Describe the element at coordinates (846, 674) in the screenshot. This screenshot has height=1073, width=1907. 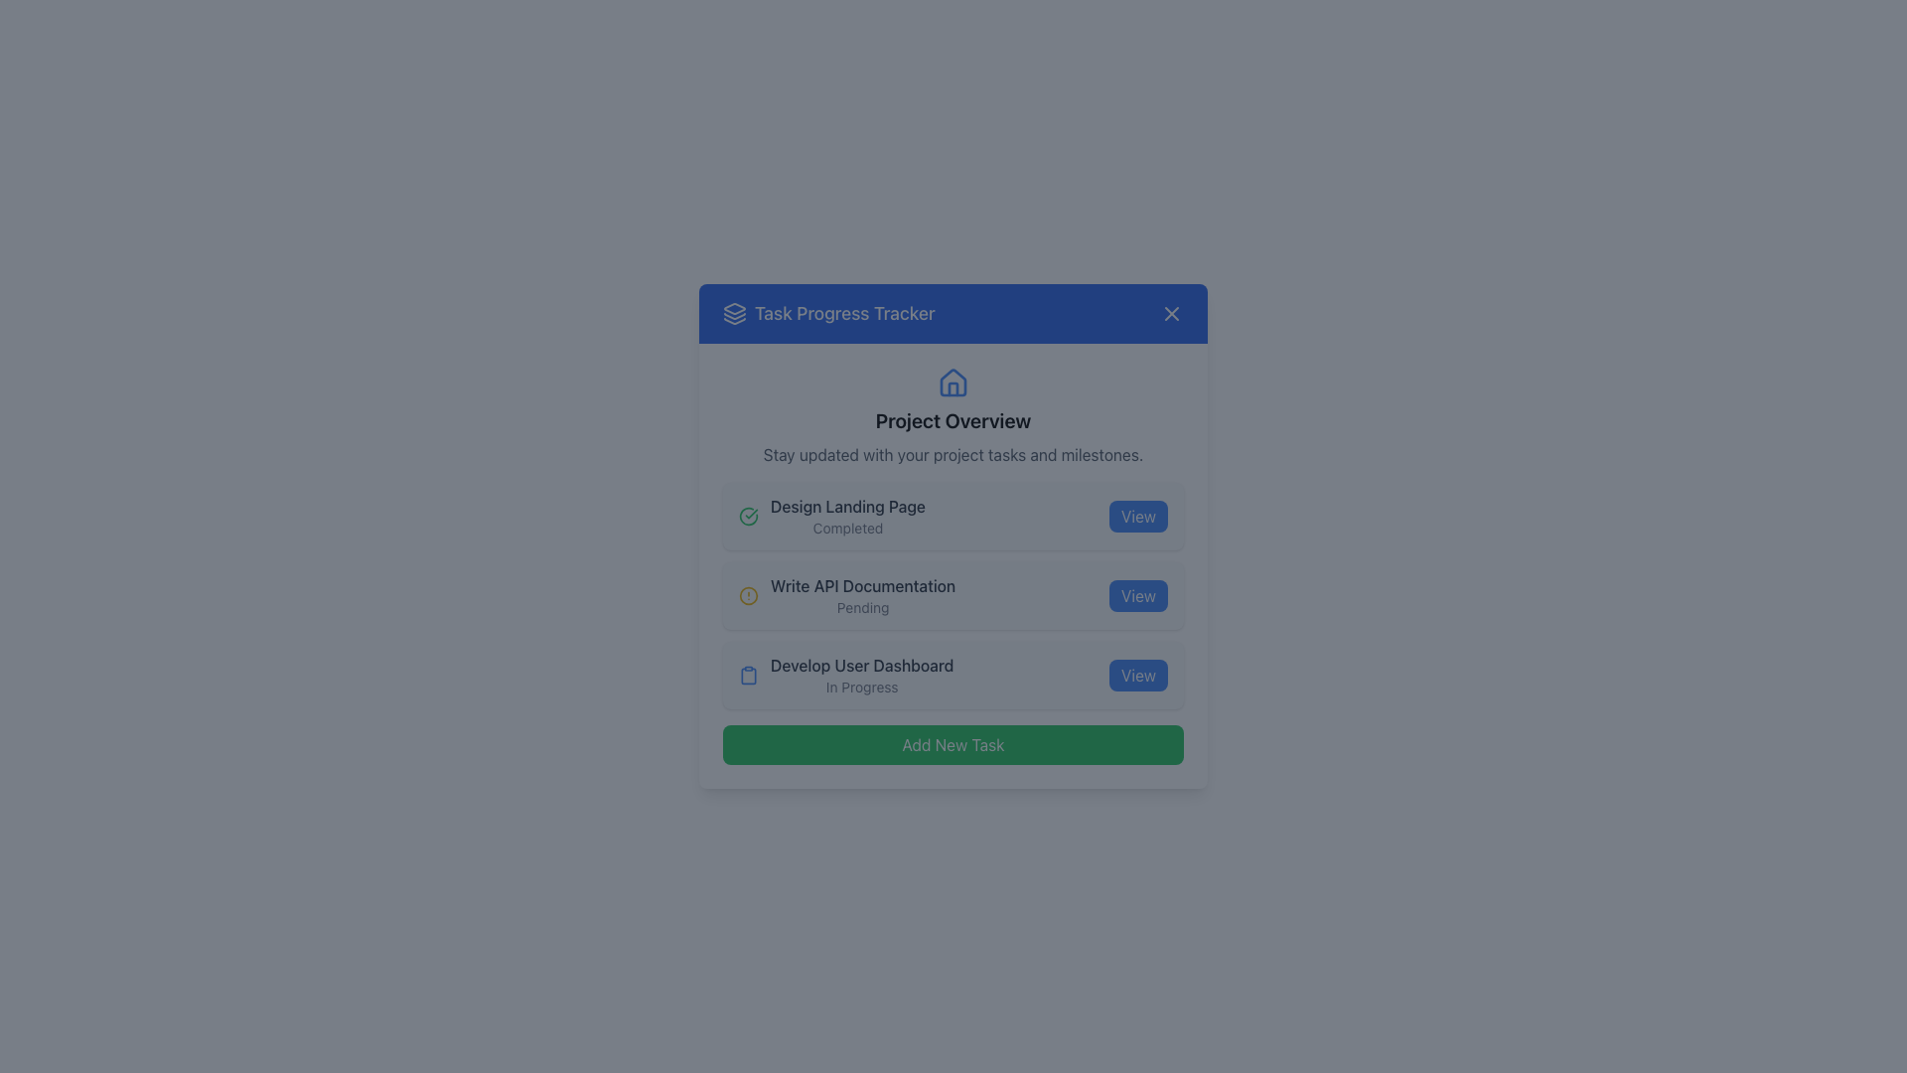
I see `the text label 'Develop User Dashboard' with a clipboard icon, which is the second component of the third task entry in the 'Task Progress Tracker' interface` at that location.